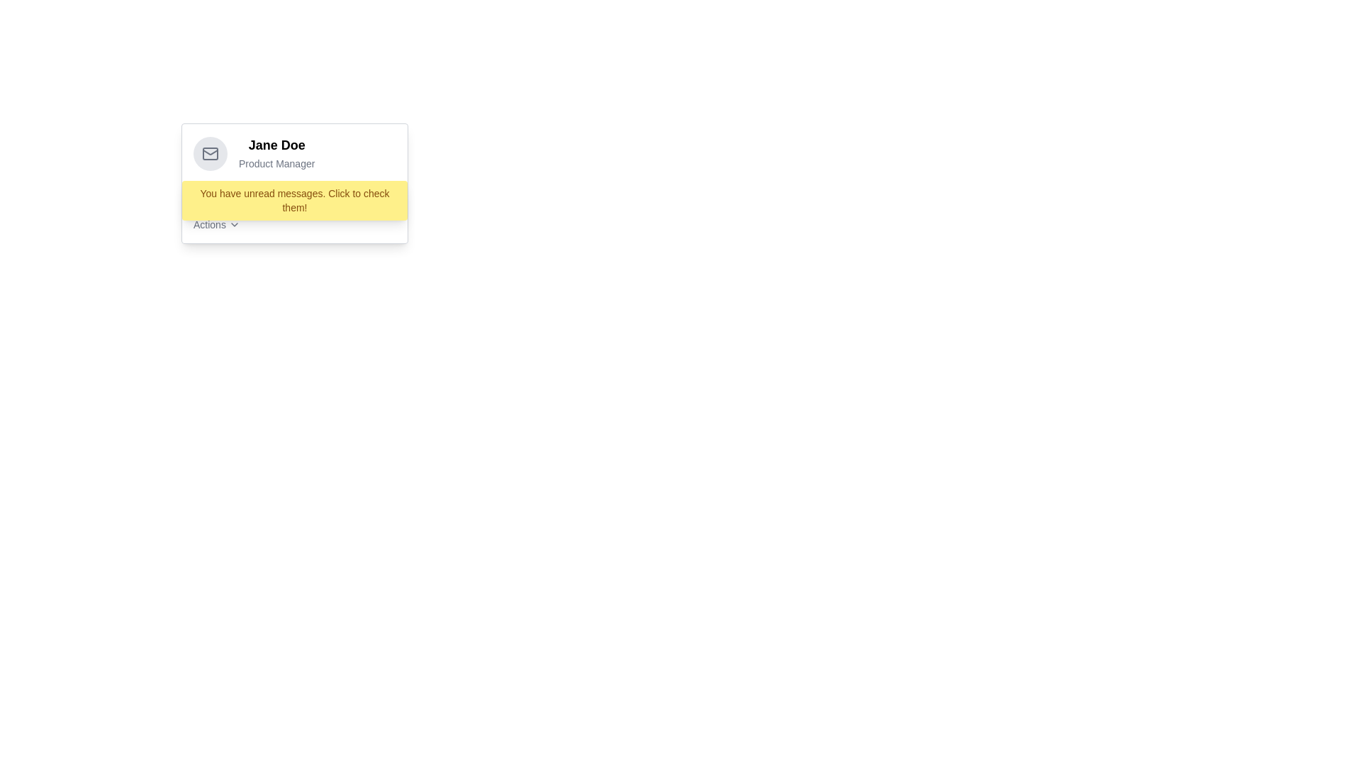 The height and width of the screenshot is (766, 1361). What do you see at coordinates (216, 223) in the screenshot?
I see `the 'Actions' dropdown menu button located in the bottom-left section of the card interface` at bounding box center [216, 223].